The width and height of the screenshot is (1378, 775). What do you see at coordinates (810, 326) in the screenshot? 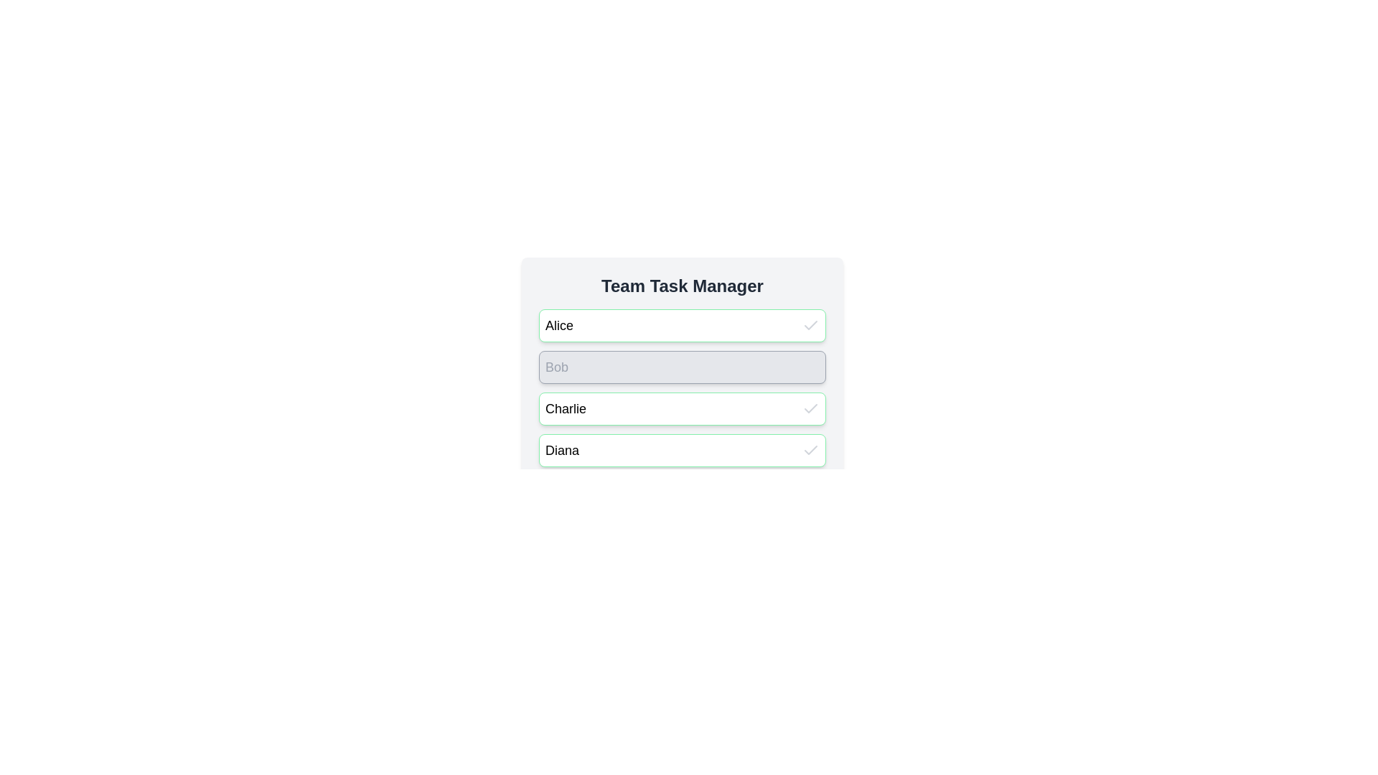
I see `the SVG Icon (Checkmark) located to the far-right of the 'Alice' option, which indicates the selection state for that row` at bounding box center [810, 326].